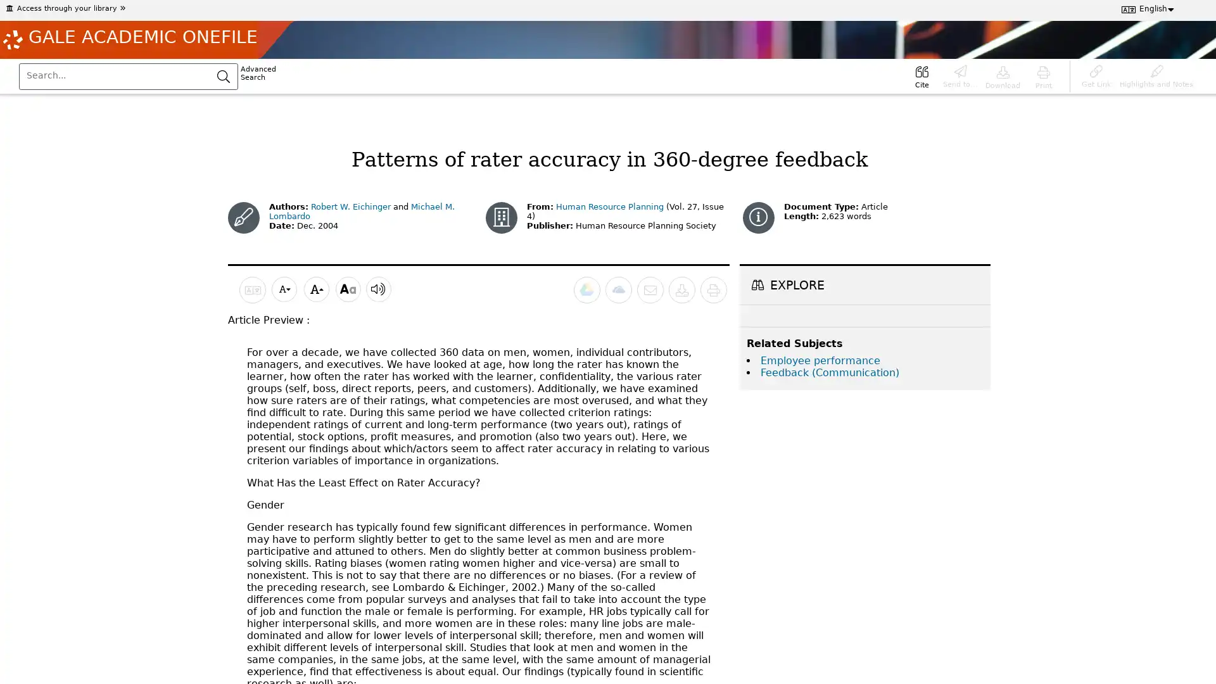 This screenshot has height=684, width=1216. I want to click on Increase font size, so click(316, 289).